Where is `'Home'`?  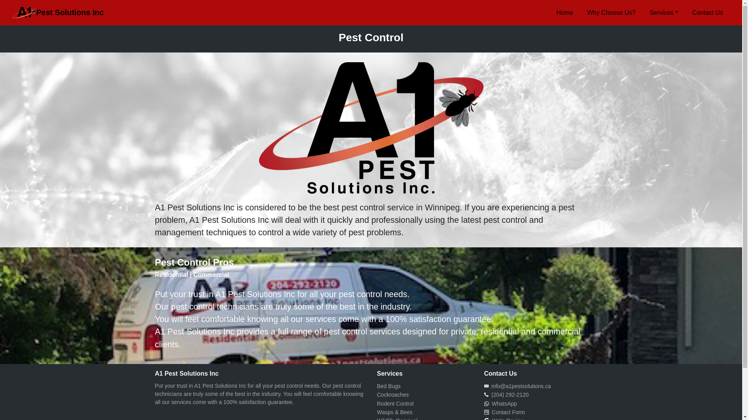
'Home' is located at coordinates (565, 12).